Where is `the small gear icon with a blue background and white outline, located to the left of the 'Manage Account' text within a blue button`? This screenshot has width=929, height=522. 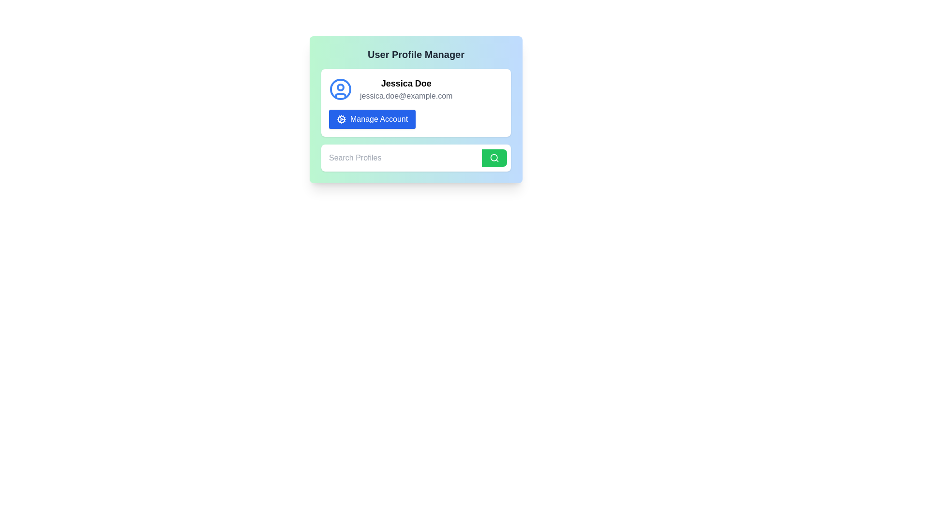 the small gear icon with a blue background and white outline, located to the left of the 'Manage Account' text within a blue button is located at coordinates (341, 118).